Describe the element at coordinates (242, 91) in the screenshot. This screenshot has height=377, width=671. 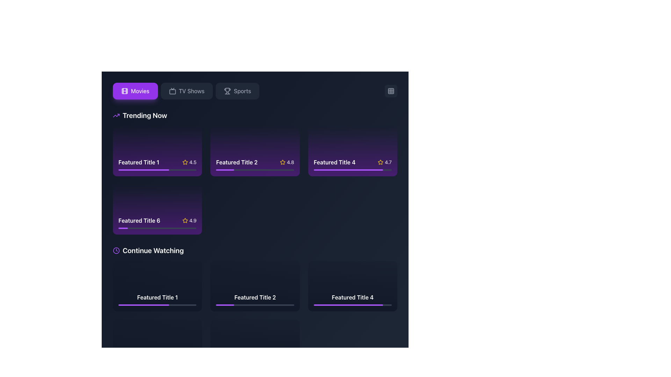
I see `the 'Sports' text label, which is displayed in light gray on a dark background, located within the horizontal navigation bar next to a trophy icon` at that location.